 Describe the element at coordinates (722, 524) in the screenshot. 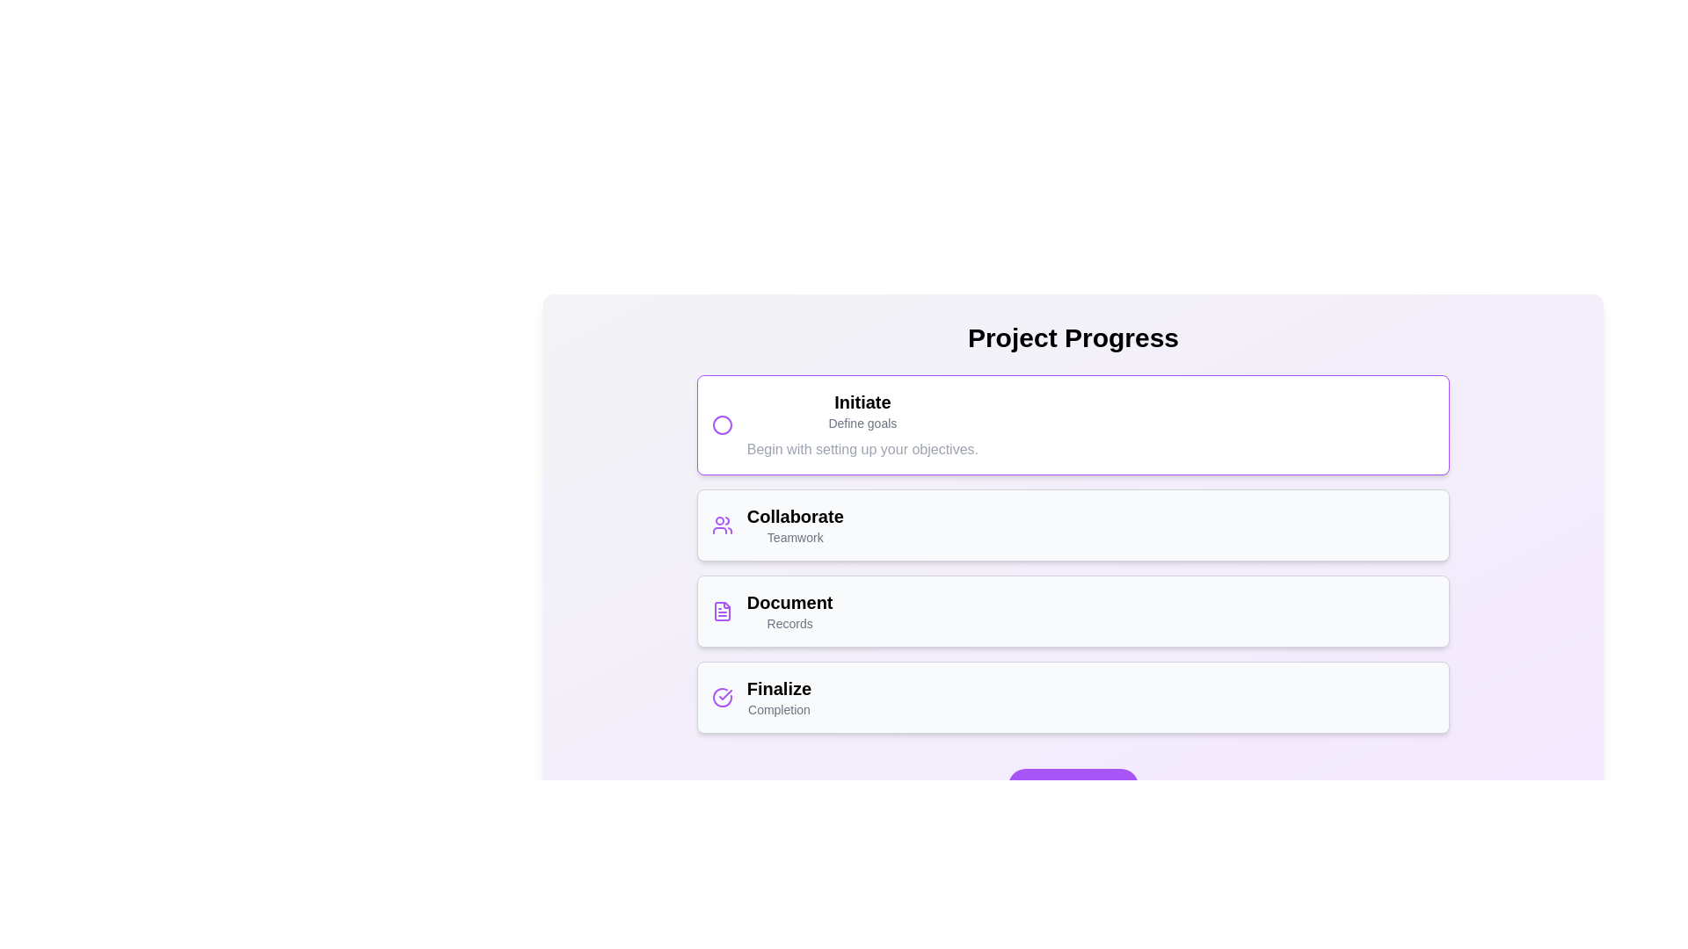

I see `the collaboration icon located in the 'Collaborate' section, positioned to the far-left of the section before the 'Collaborate' title text` at that location.